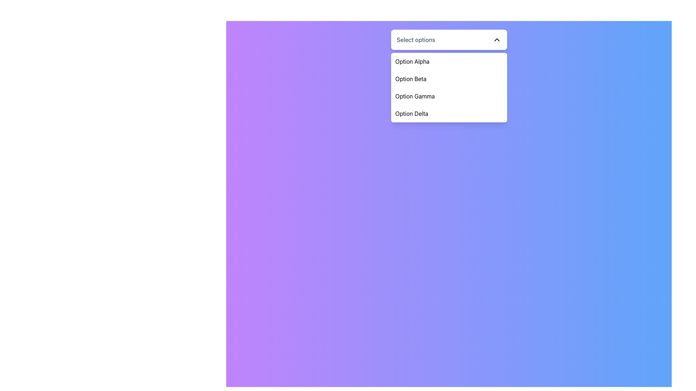  What do you see at coordinates (415, 96) in the screenshot?
I see `the text label displaying 'Option Gamma' in the dropdown menu` at bounding box center [415, 96].